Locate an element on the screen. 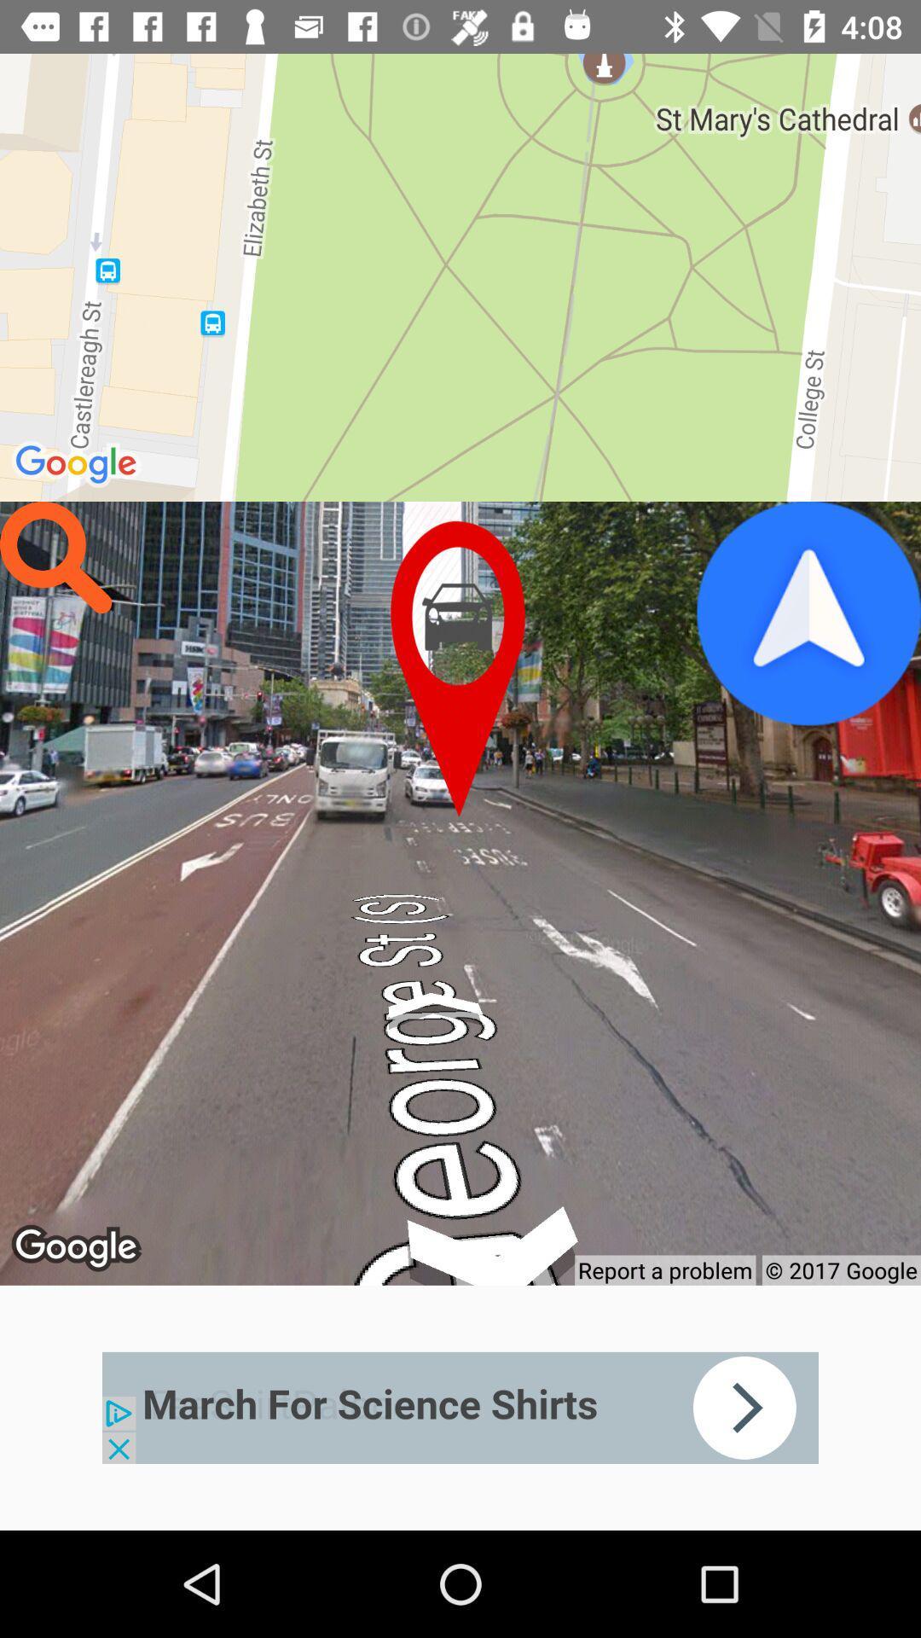 This screenshot has width=921, height=1638. search is located at coordinates (55, 557).